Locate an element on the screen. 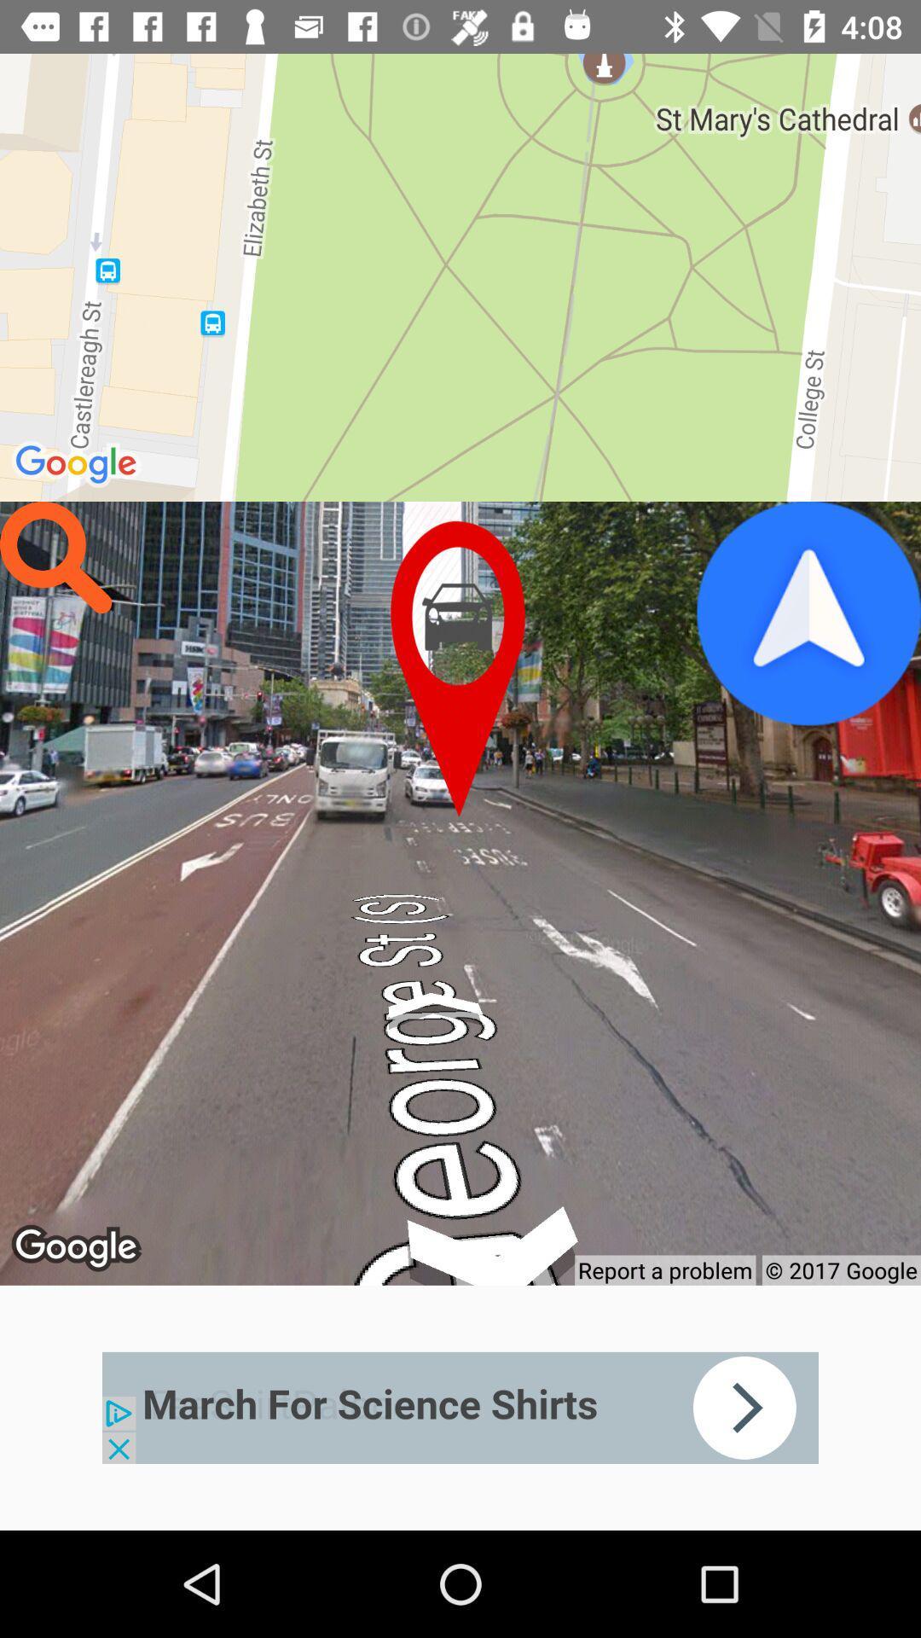 This screenshot has width=921, height=1638. search is located at coordinates (55, 557).